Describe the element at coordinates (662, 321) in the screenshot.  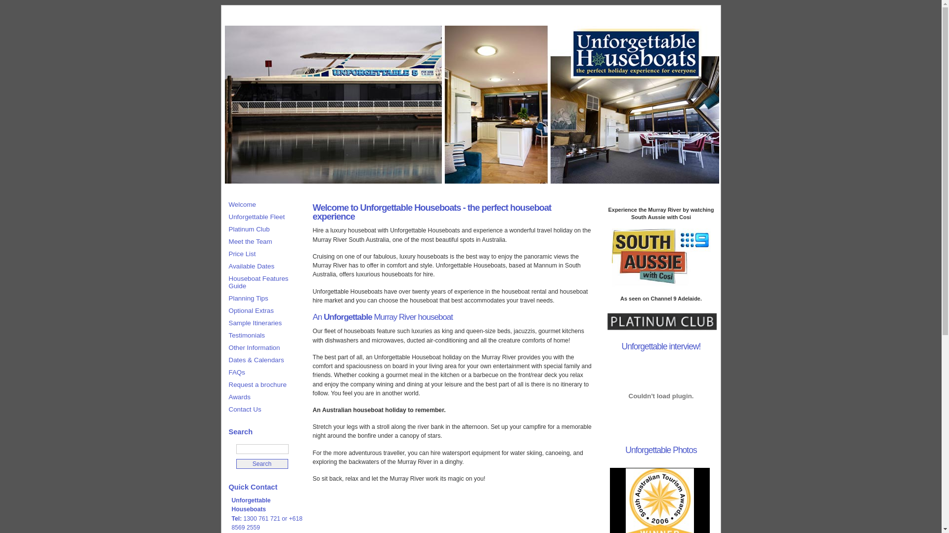
I see `'Unforgettable Platinum Club'` at that location.